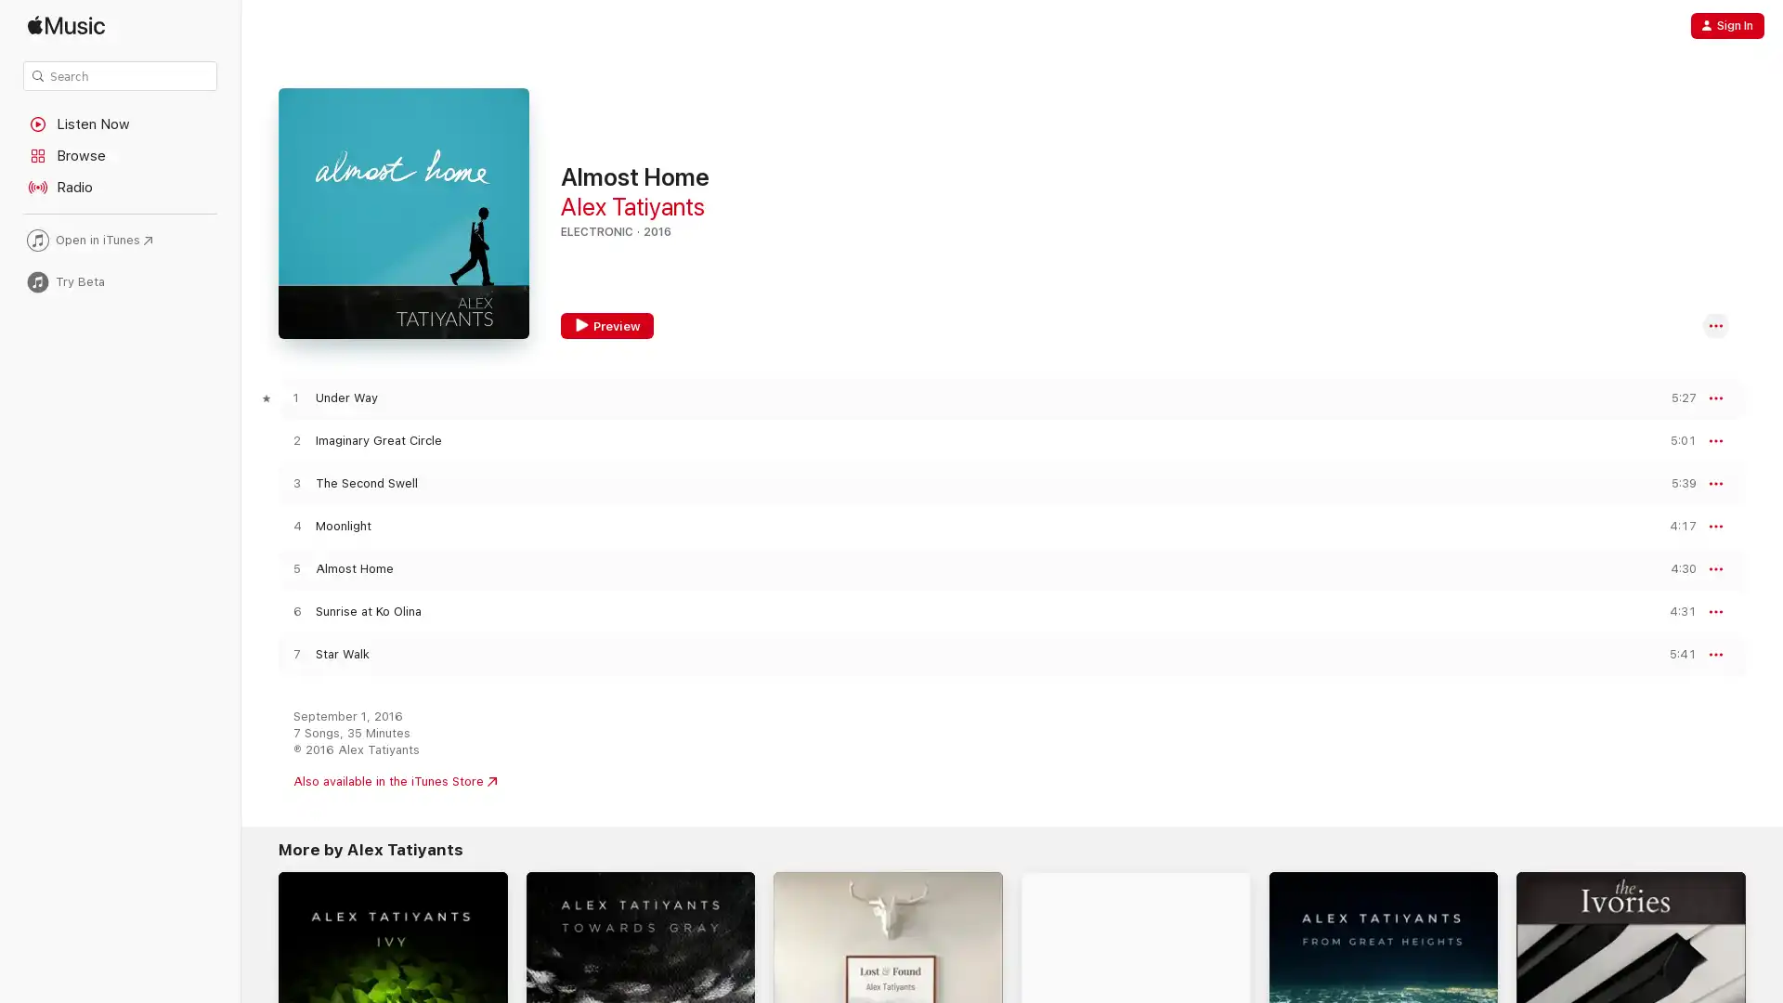  What do you see at coordinates (295, 440) in the screenshot?
I see `Play` at bounding box center [295, 440].